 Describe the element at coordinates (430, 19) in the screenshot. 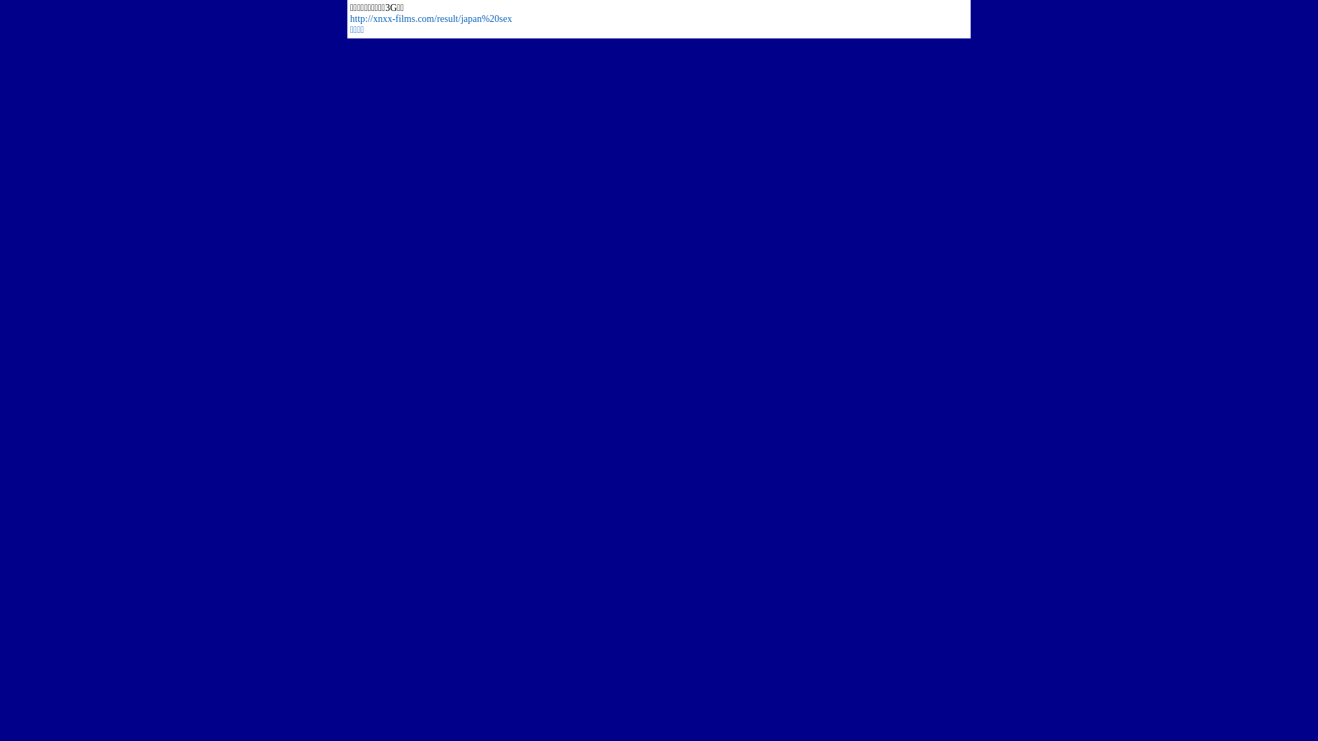

I see `'http://xnxx-films.com/result/japan%20sex'` at that location.